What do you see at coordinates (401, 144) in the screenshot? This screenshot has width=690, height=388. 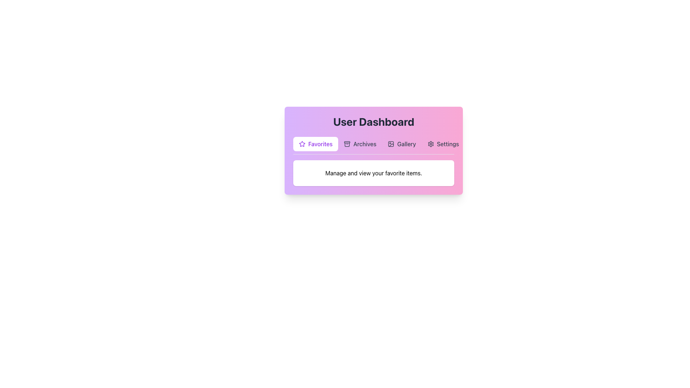 I see `the 'Gallery' button, which is the third option in the horizontal navigation bar, to observe the hover effect` at bounding box center [401, 144].